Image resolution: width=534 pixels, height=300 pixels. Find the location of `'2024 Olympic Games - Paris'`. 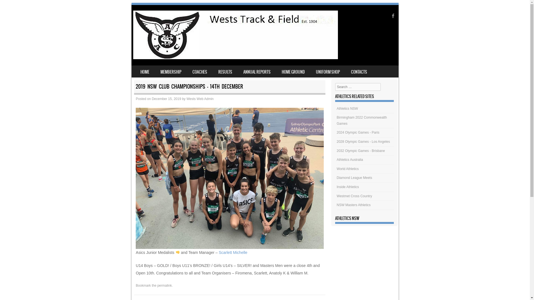

'2024 Olympic Games - Paris' is located at coordinates (336, 132).